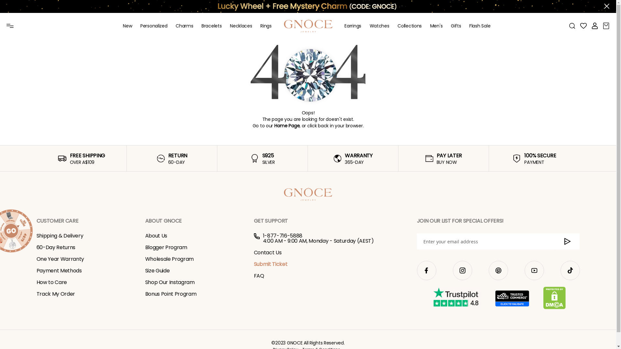 This screenshot has height=349, width=621. I want to click on 'New', so click(127, 26).